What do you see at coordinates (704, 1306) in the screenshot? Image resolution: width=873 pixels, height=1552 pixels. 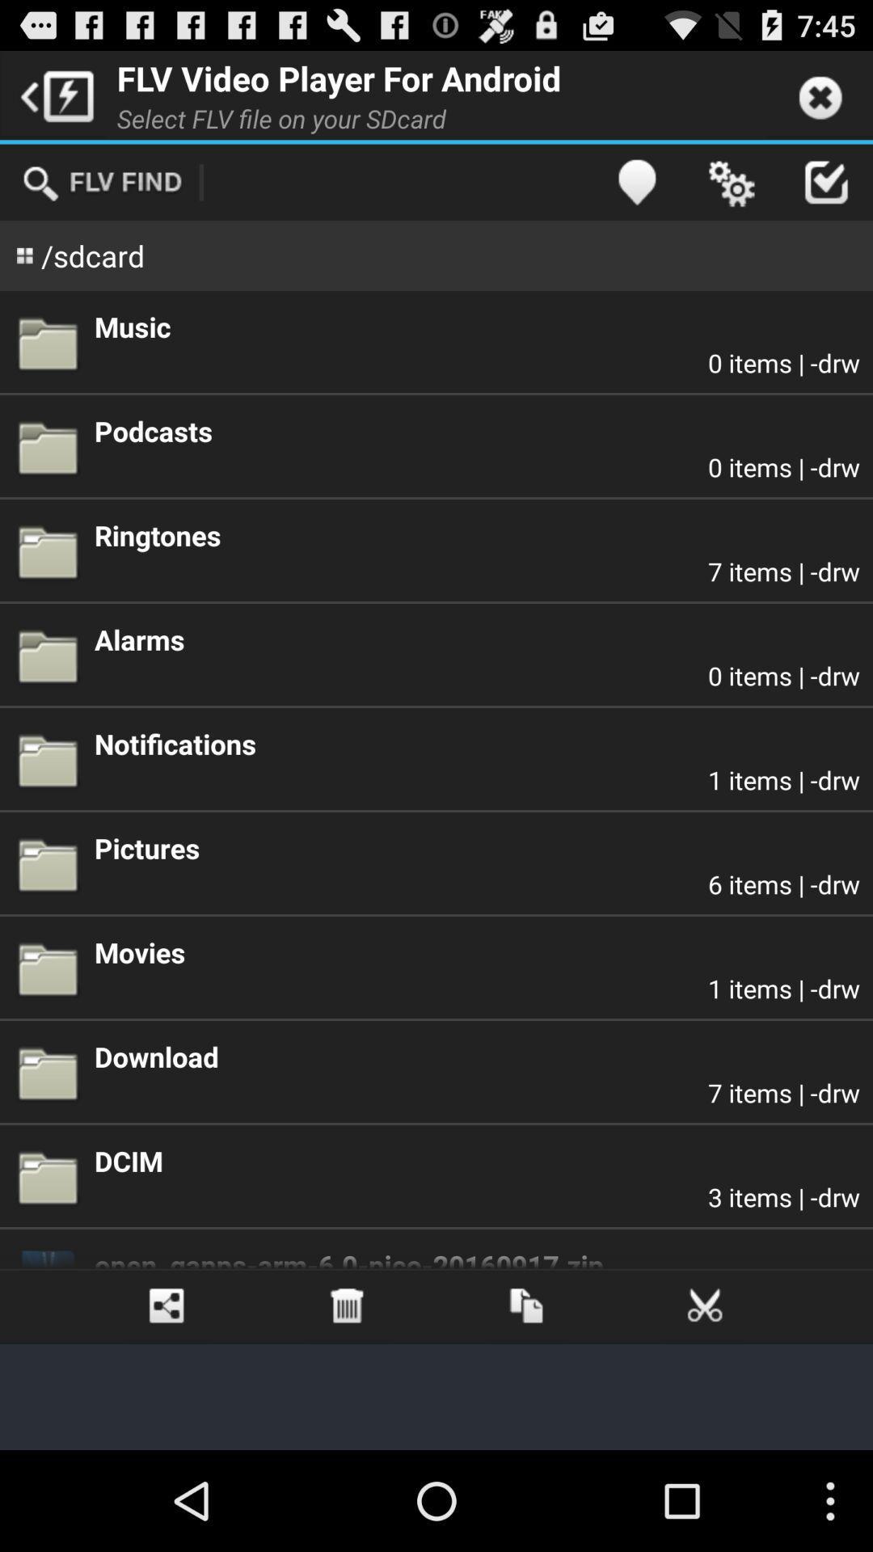 I see `icon below open_gapps arm 6 app` at bounding box center [704, 1306].